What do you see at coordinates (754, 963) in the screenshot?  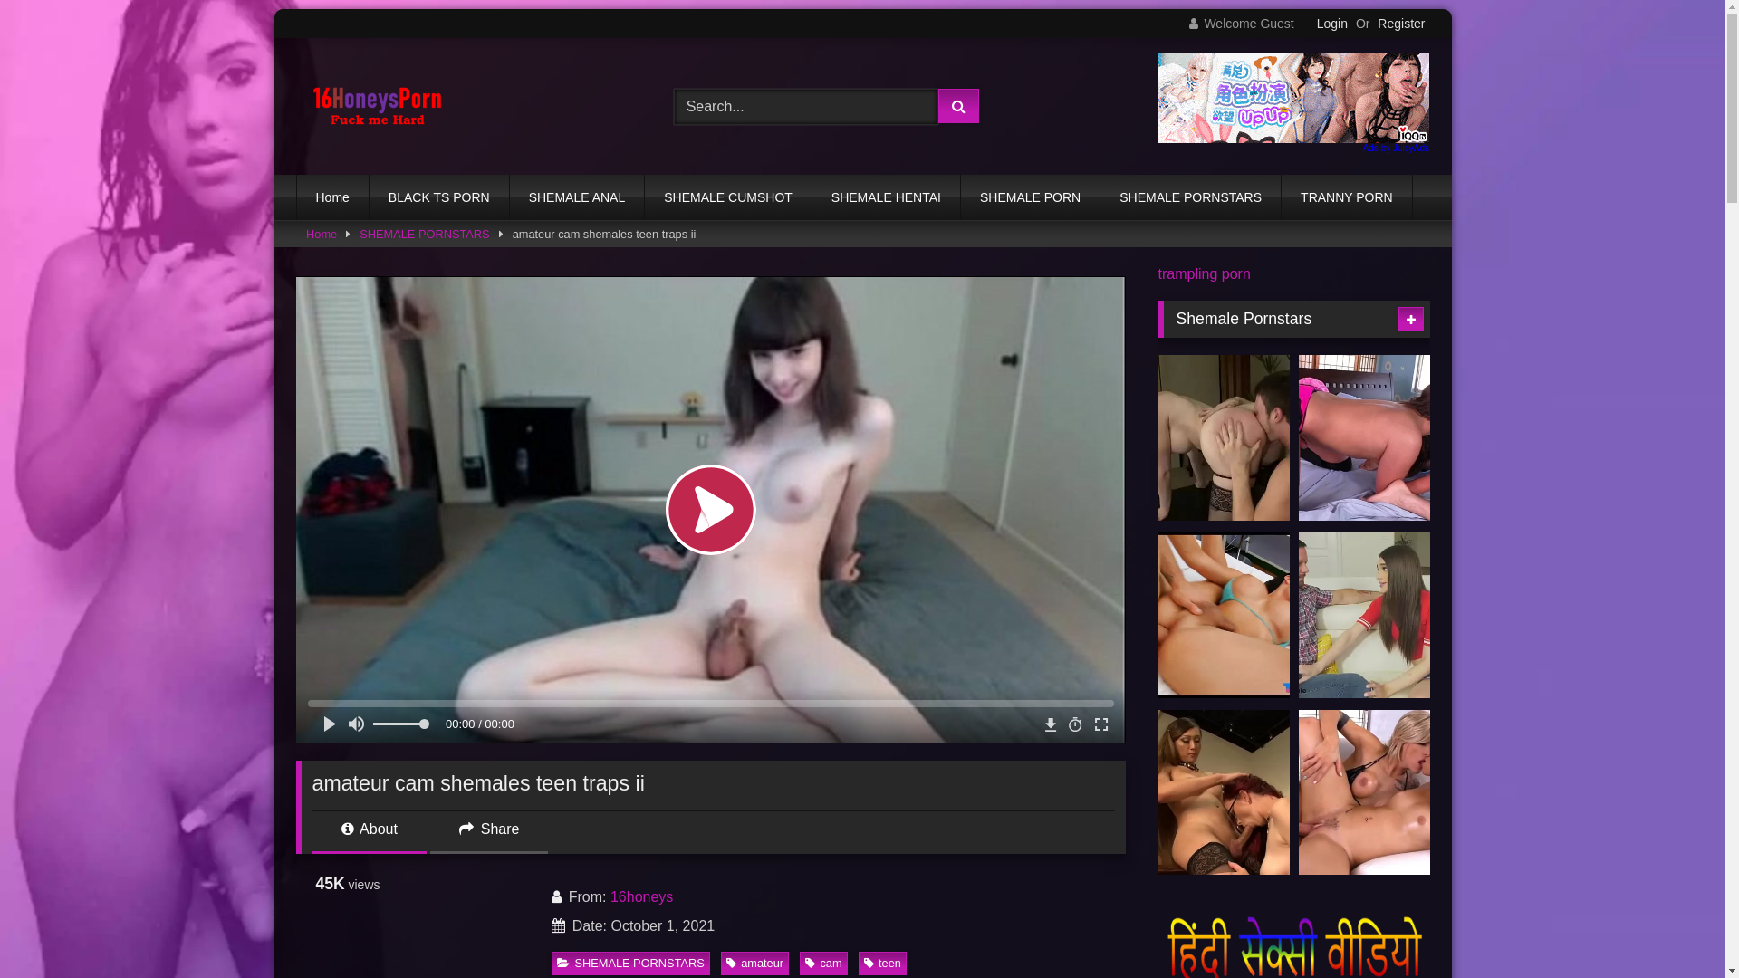 I see `'amateur'` at bounding box center [754, 963].